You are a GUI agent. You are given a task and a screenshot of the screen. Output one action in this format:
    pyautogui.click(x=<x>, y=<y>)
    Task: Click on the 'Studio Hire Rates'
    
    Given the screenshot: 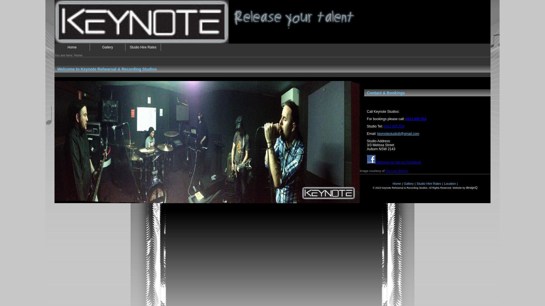 What is the action you would take?
    pyautogui.click(x=143, y=47)
    